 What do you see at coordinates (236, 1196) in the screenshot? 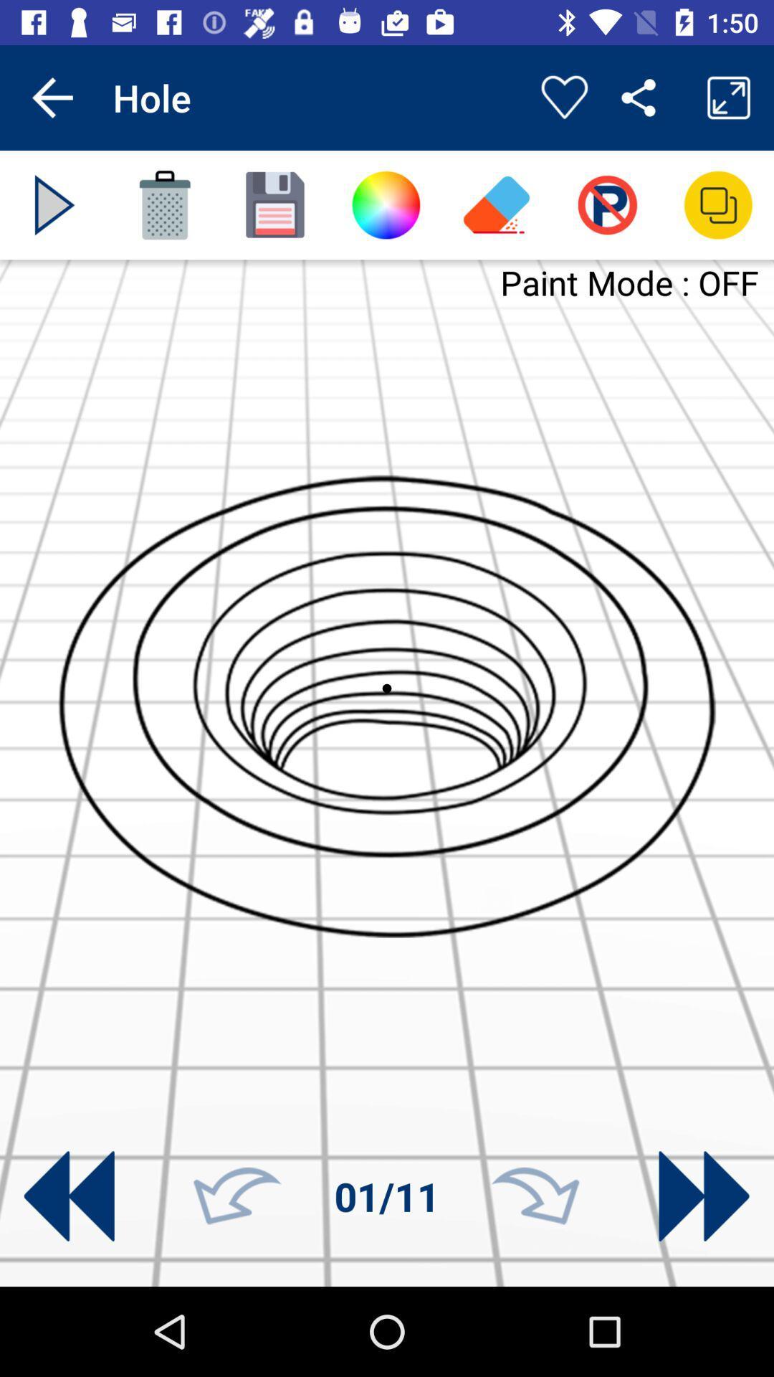
I see `the undo icon` at bounding box center [236, 1196].